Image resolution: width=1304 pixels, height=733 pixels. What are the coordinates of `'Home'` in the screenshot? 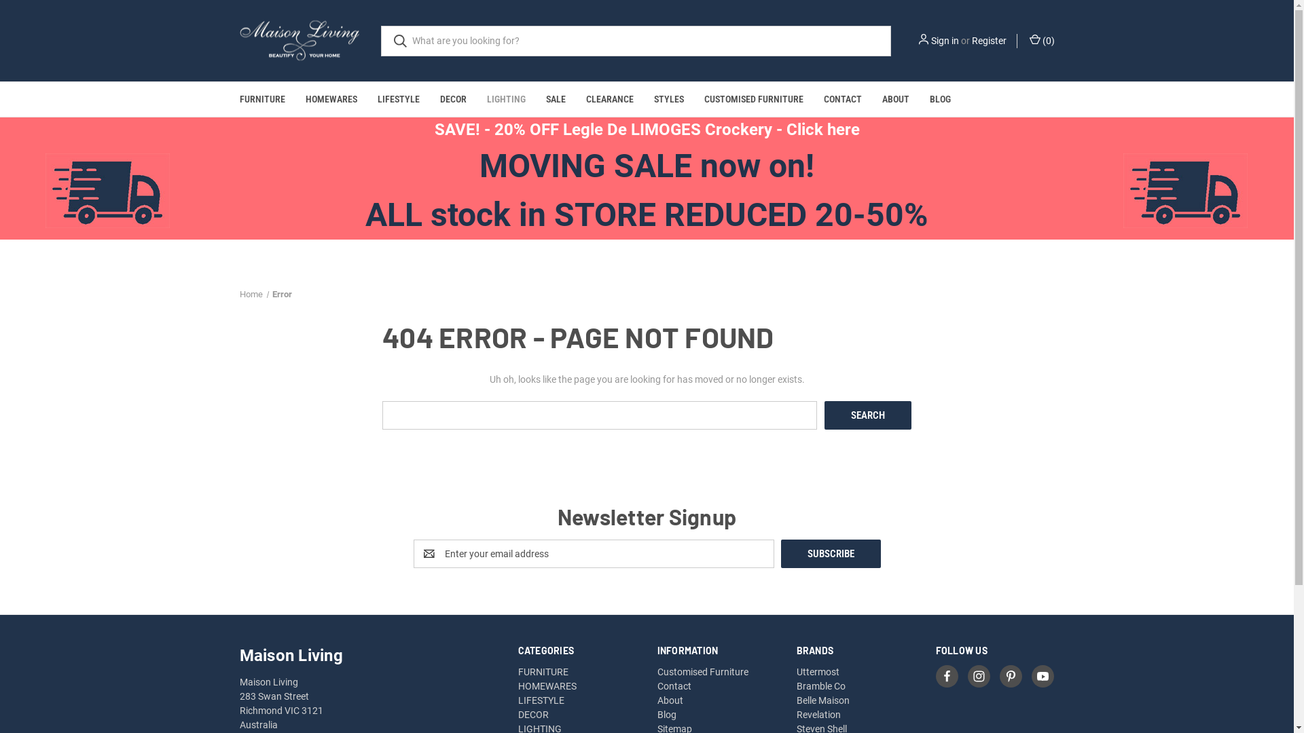 It's located at (251, 293).